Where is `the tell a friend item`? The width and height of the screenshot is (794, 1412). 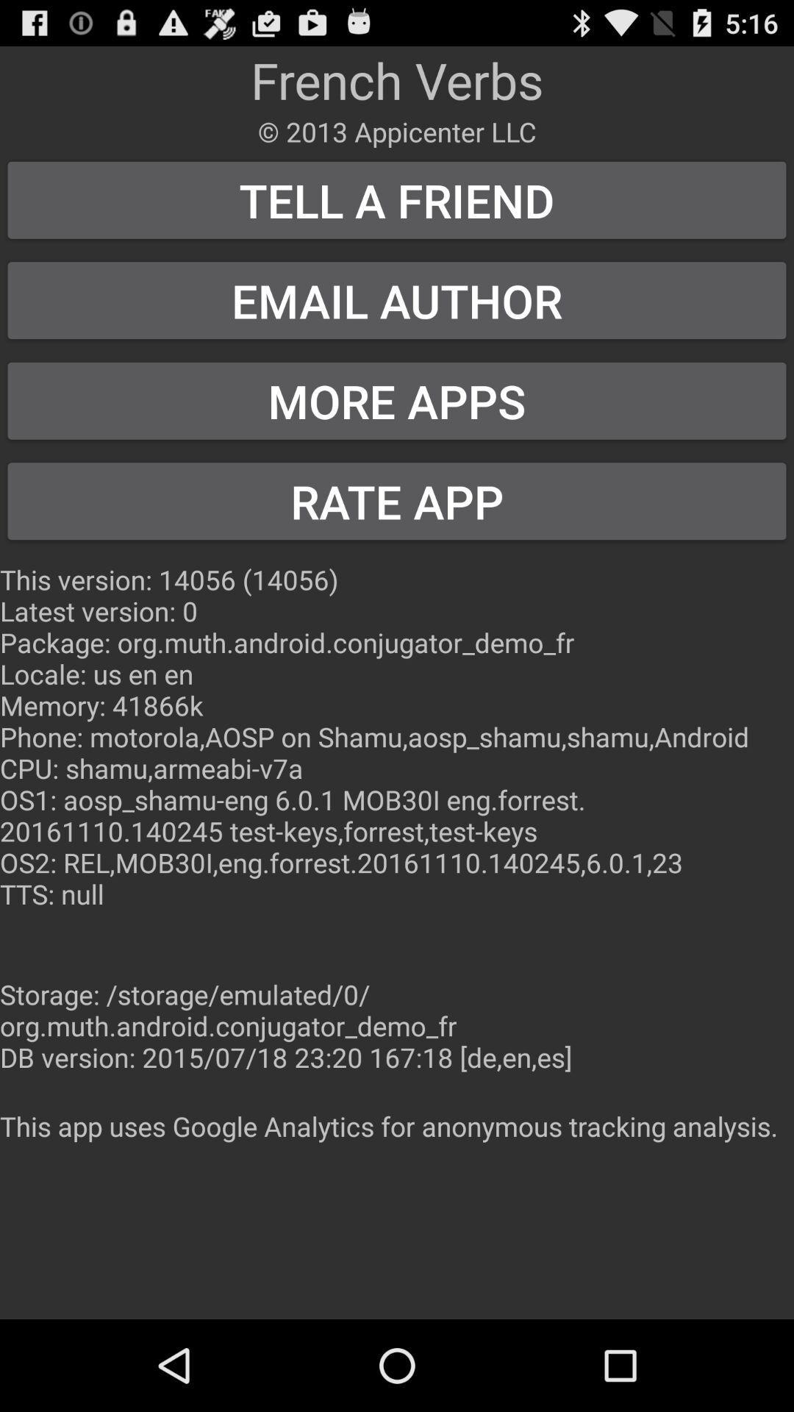 the tell a friend item is located at coordinates (397, 199).